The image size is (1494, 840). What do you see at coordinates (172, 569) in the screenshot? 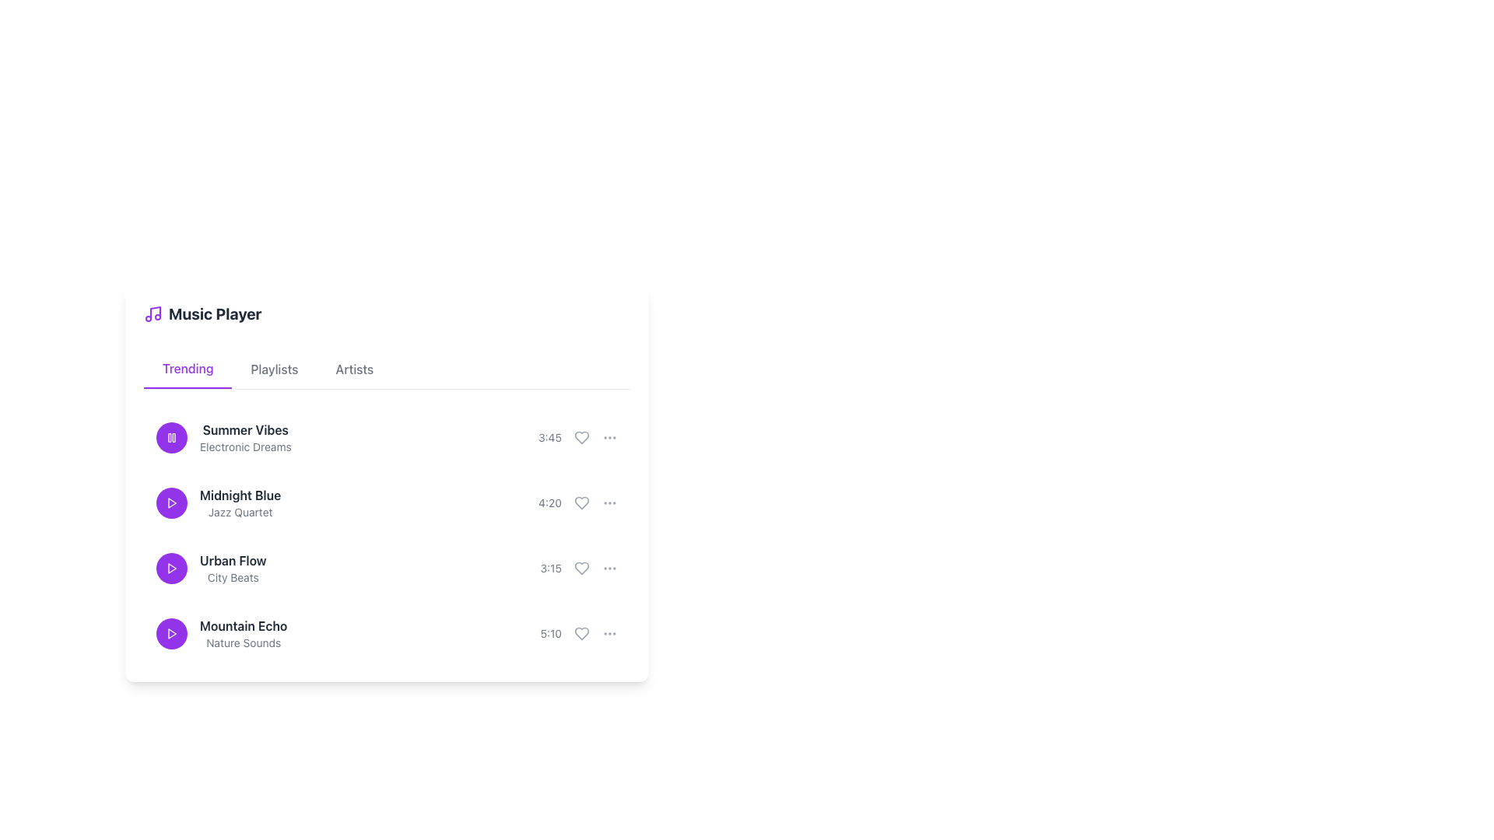
I see `the vector graphic play button for the song 'Urban Flow' located in the third row of the music player's 'Trending' section to trigger a tooltip or visual effect` at bounding box center [172, 569].